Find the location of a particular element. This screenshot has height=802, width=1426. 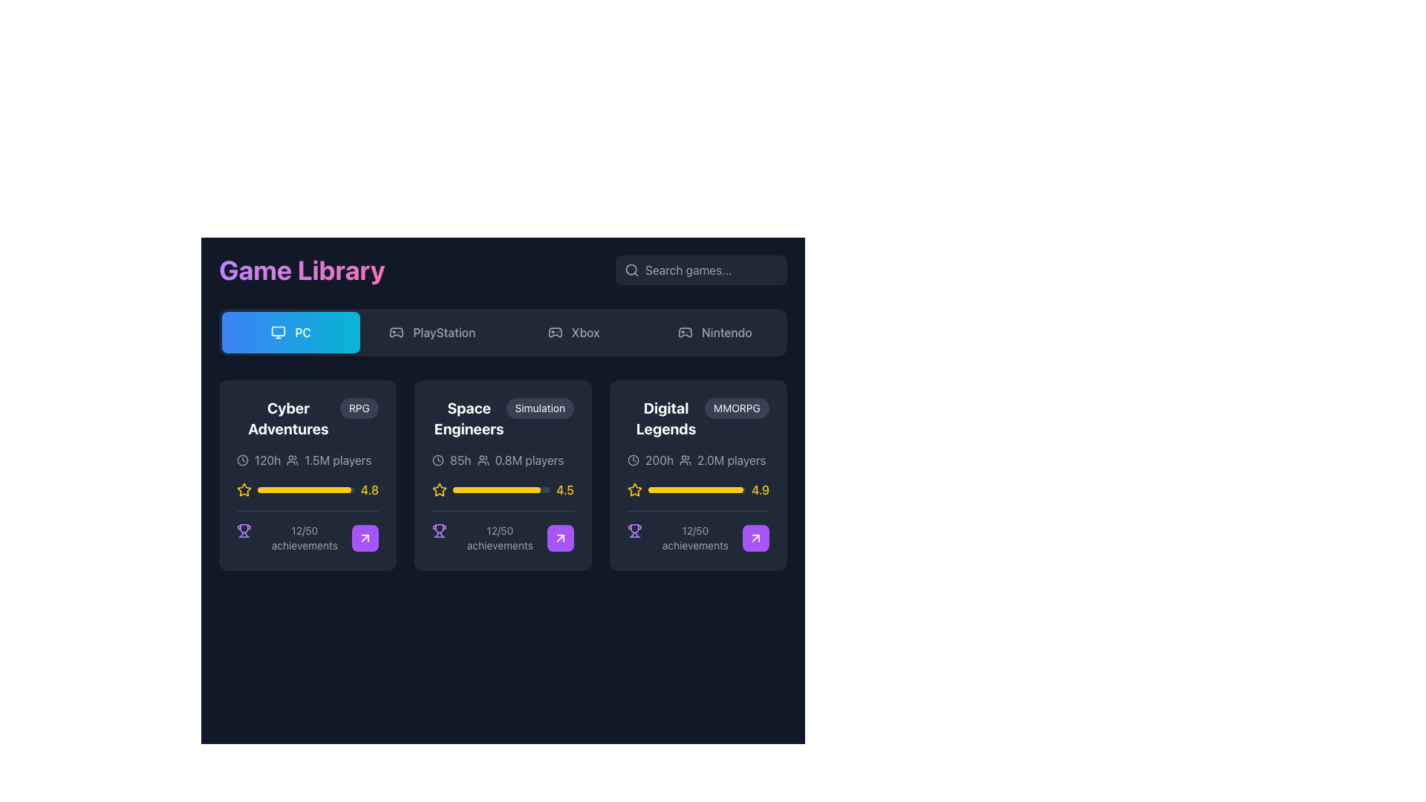

the pill-shaped badge labeled 'Simulation' with white font on a dark gray background, located within the 'Space Engineers' game card, aligned to the right of the game title is located at coordinates (539, 408).